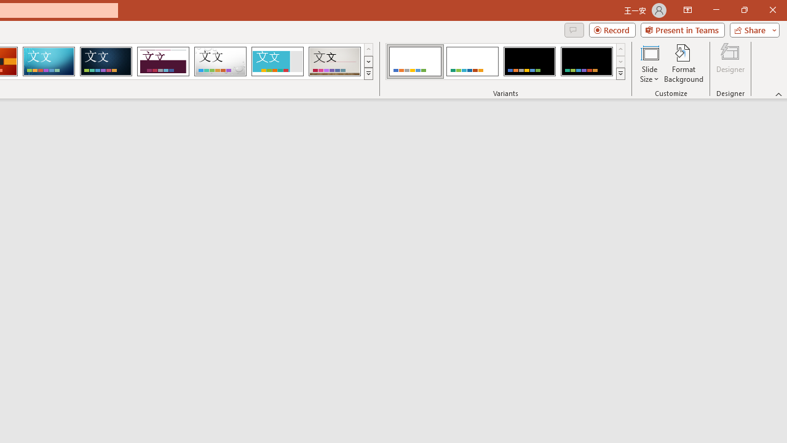  Describe the element at coordinates (730, 63) in the screenshot. I see `'Designer'` at that location.